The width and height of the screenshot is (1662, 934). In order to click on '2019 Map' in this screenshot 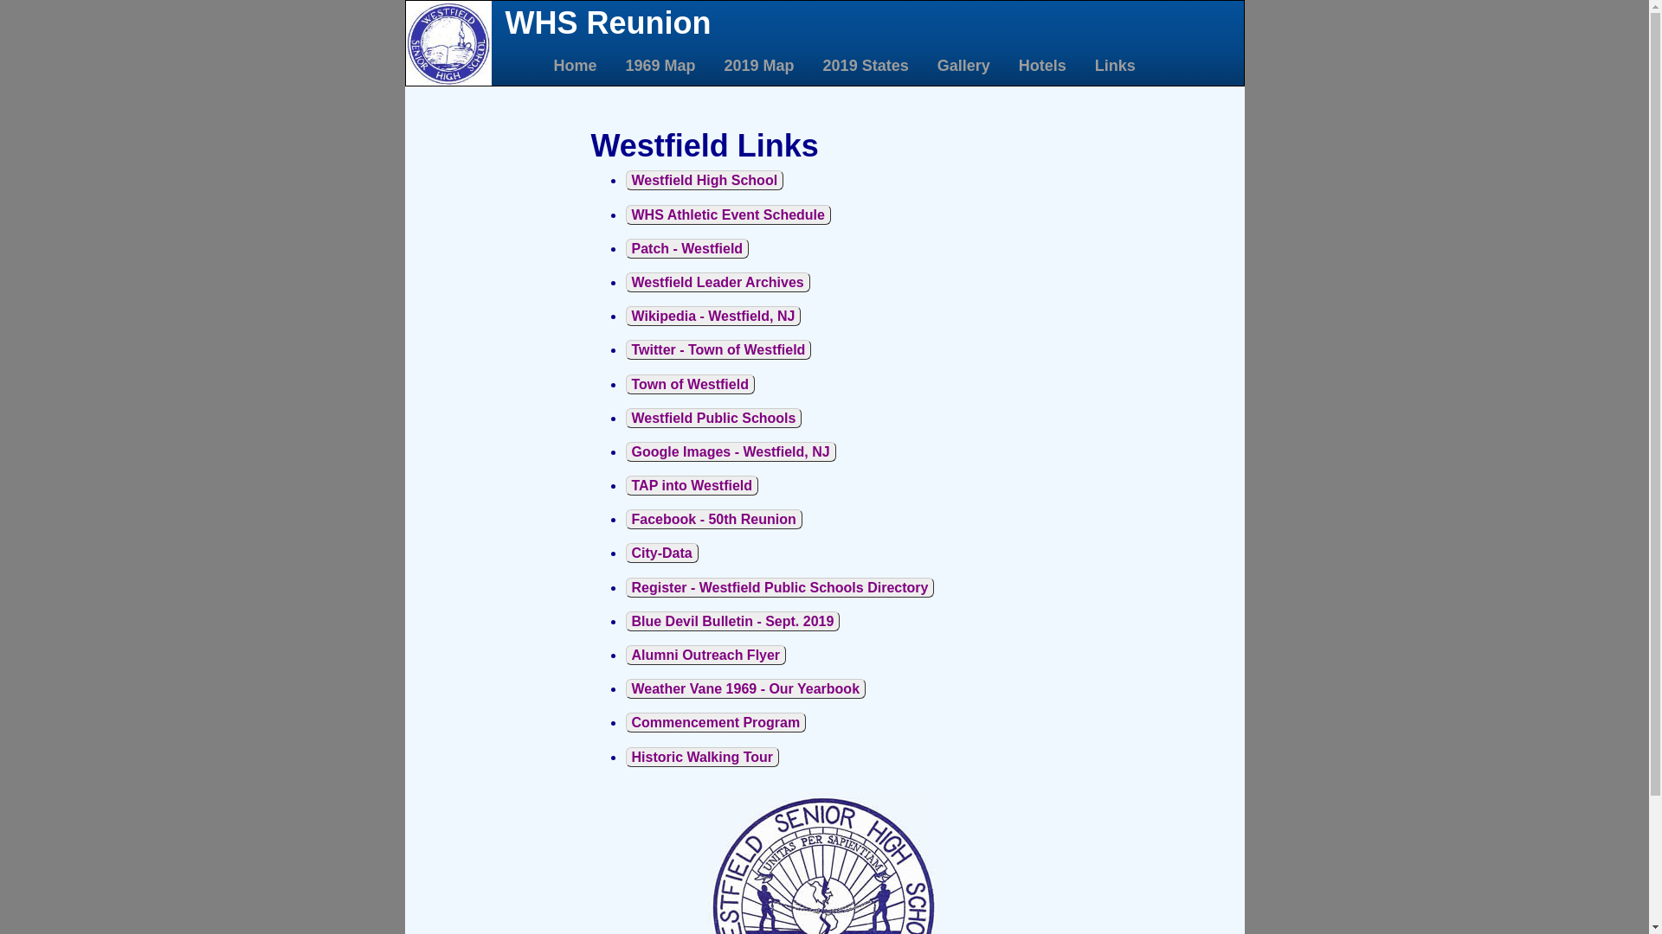, I will do `click(758, 65)`.